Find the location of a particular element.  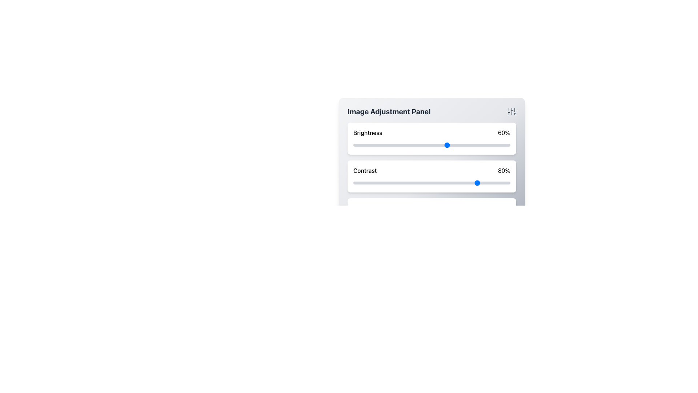

contrast is located at coordinates (441, 182).